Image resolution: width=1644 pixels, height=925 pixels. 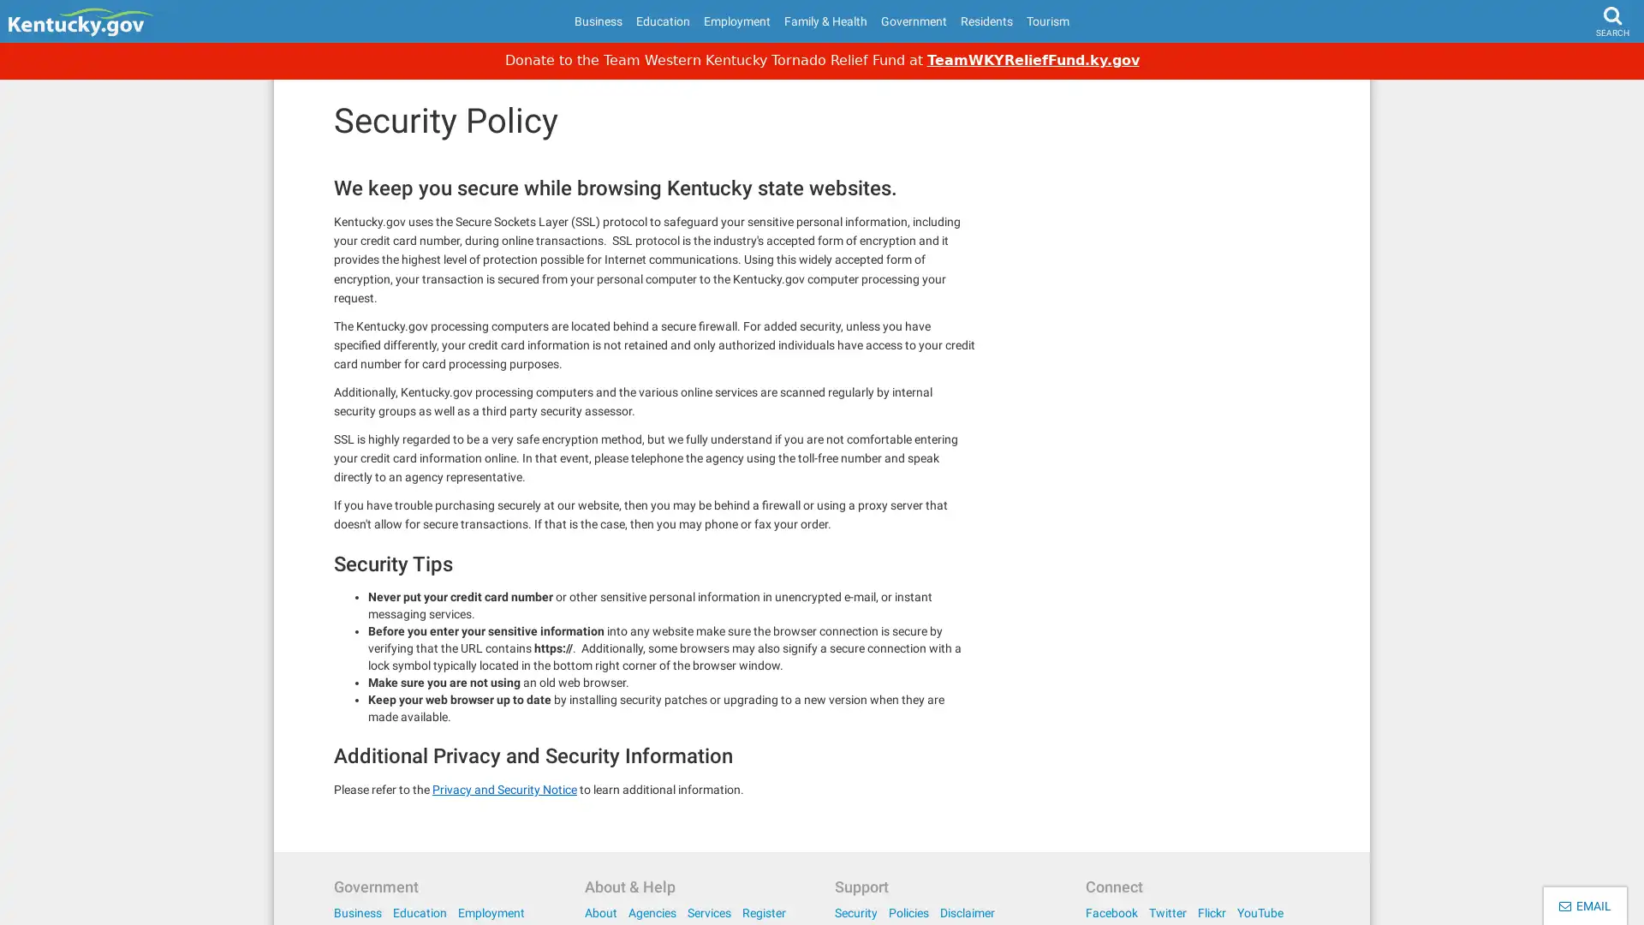 What do you see at coordinates (1580, 65) in the screenshot?
I see `Search` at bounding box center [1580, 65].